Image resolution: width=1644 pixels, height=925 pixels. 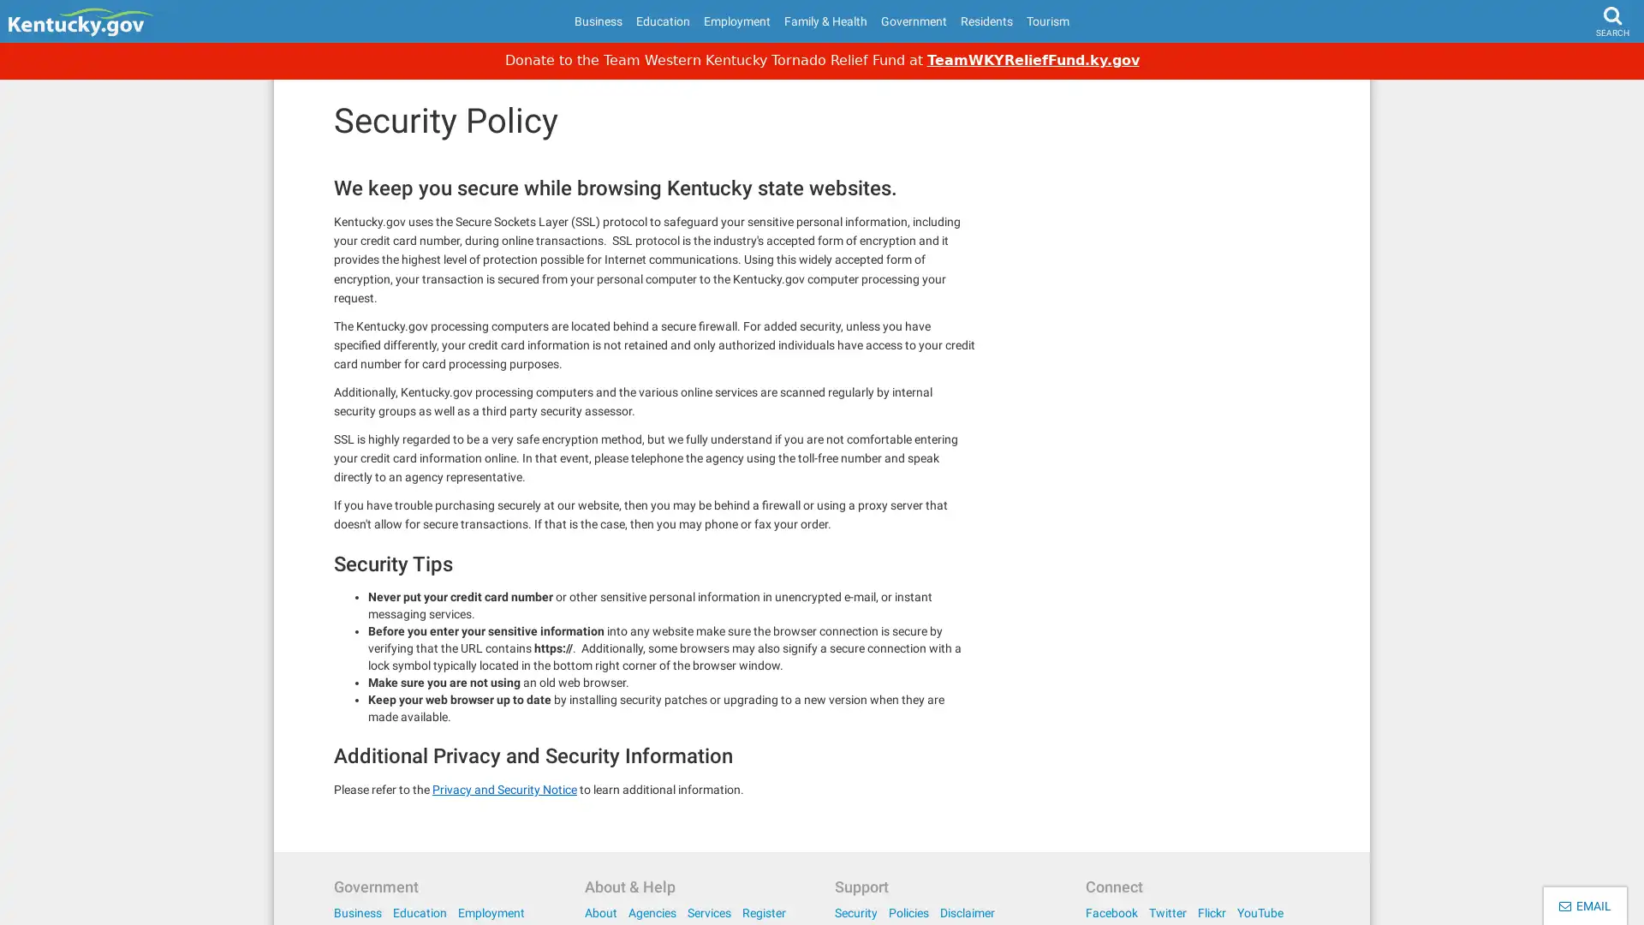 What do you see at coordinates (1580, 65) in the screenshot?
I see `Search` at bounding box center [1580, 65].